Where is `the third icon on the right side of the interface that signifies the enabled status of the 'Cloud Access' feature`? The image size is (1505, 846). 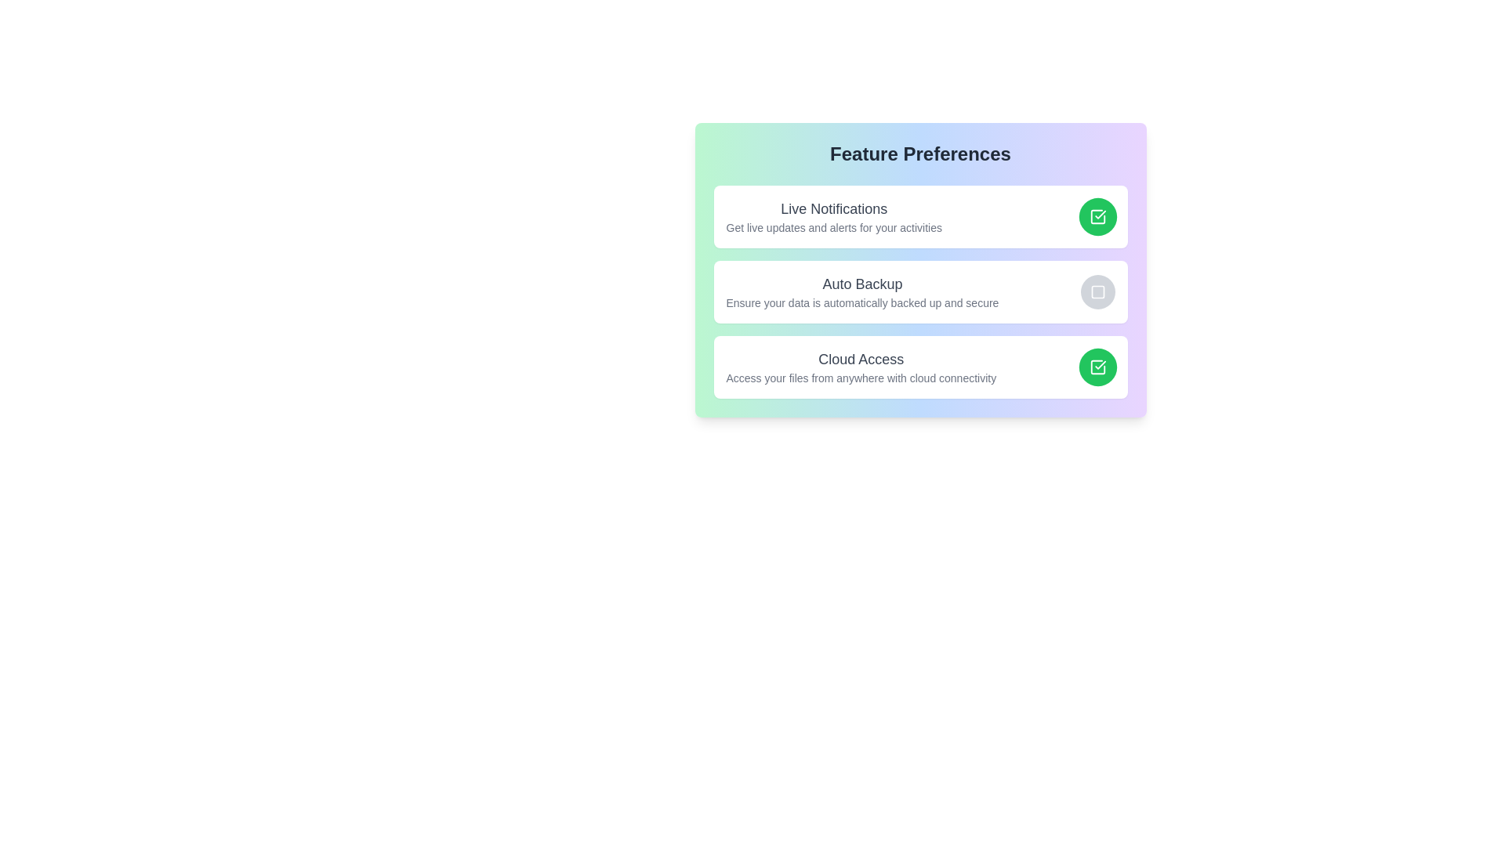 the third icon on the right side of the interface that signifies the enabled status of the 'Cloud Access' feature is located at coordinates (1097, 367).